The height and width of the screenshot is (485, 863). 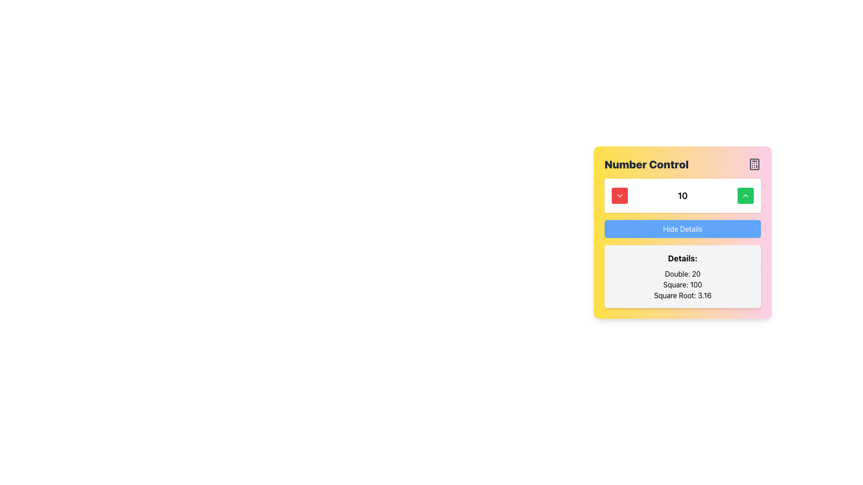 I want to click on the text label displaying 'Square: 100', which is the second entry under the 'Details:' section, positioned on the right side of the interface, so click(x=682, y=284).